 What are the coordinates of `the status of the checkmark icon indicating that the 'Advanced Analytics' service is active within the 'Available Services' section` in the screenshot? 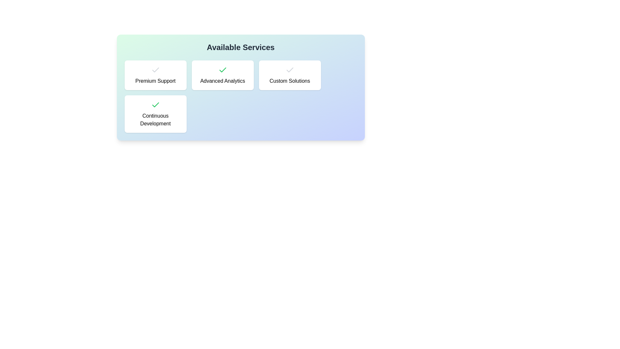 It's located at (289, 70).